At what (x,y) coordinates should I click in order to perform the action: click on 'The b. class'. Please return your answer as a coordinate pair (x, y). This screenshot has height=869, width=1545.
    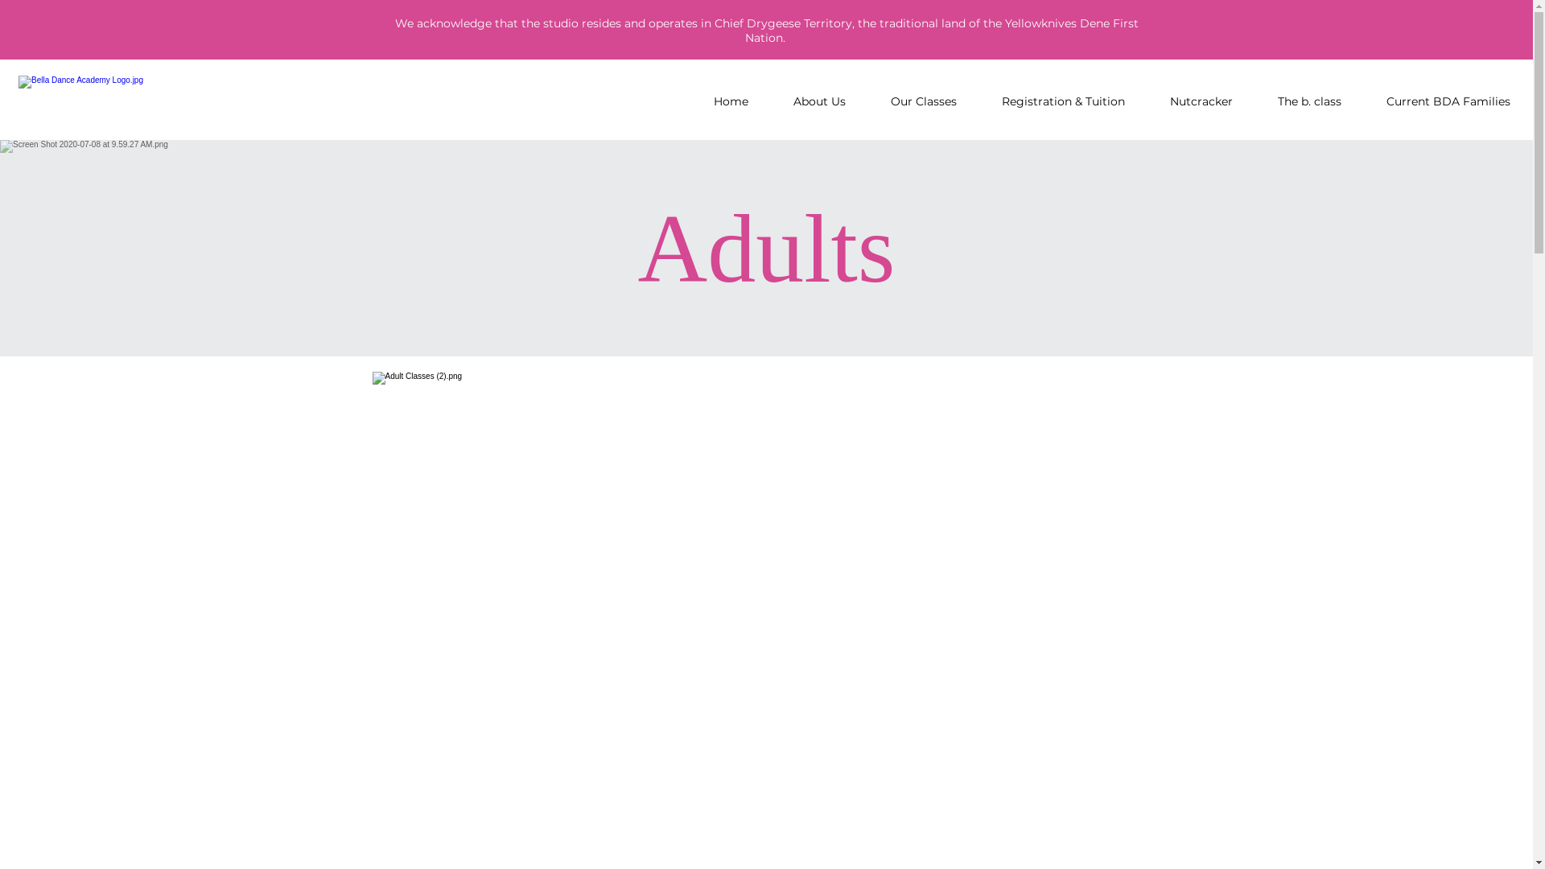
    Looking at the image, I should click on (1309, 101).